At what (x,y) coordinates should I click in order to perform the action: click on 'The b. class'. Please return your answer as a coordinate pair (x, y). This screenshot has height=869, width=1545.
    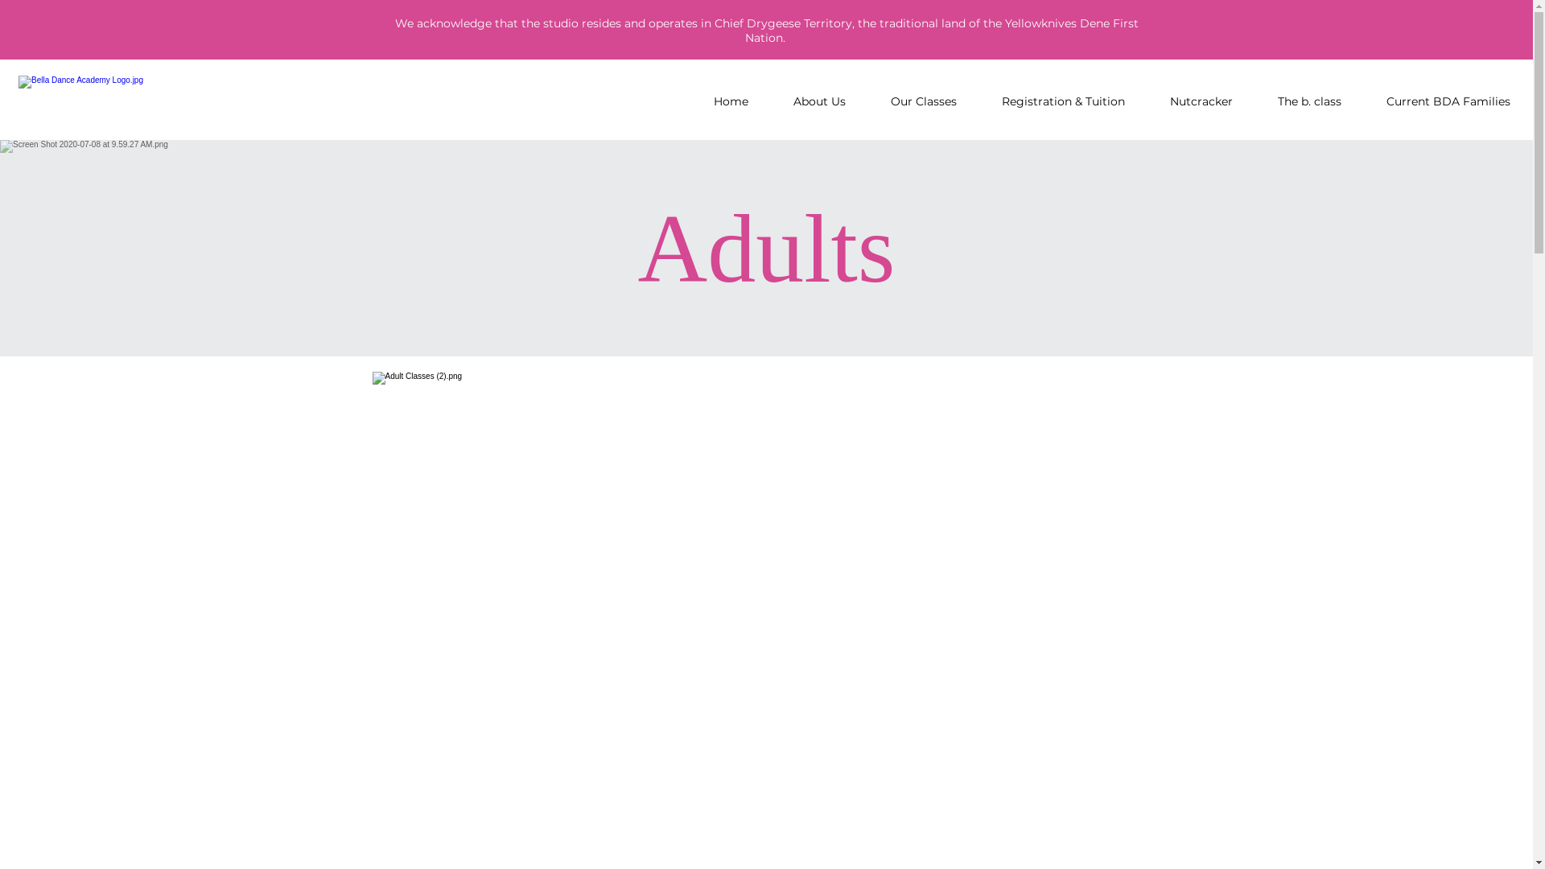
    Looking at the image, I should click on (1309, 101).